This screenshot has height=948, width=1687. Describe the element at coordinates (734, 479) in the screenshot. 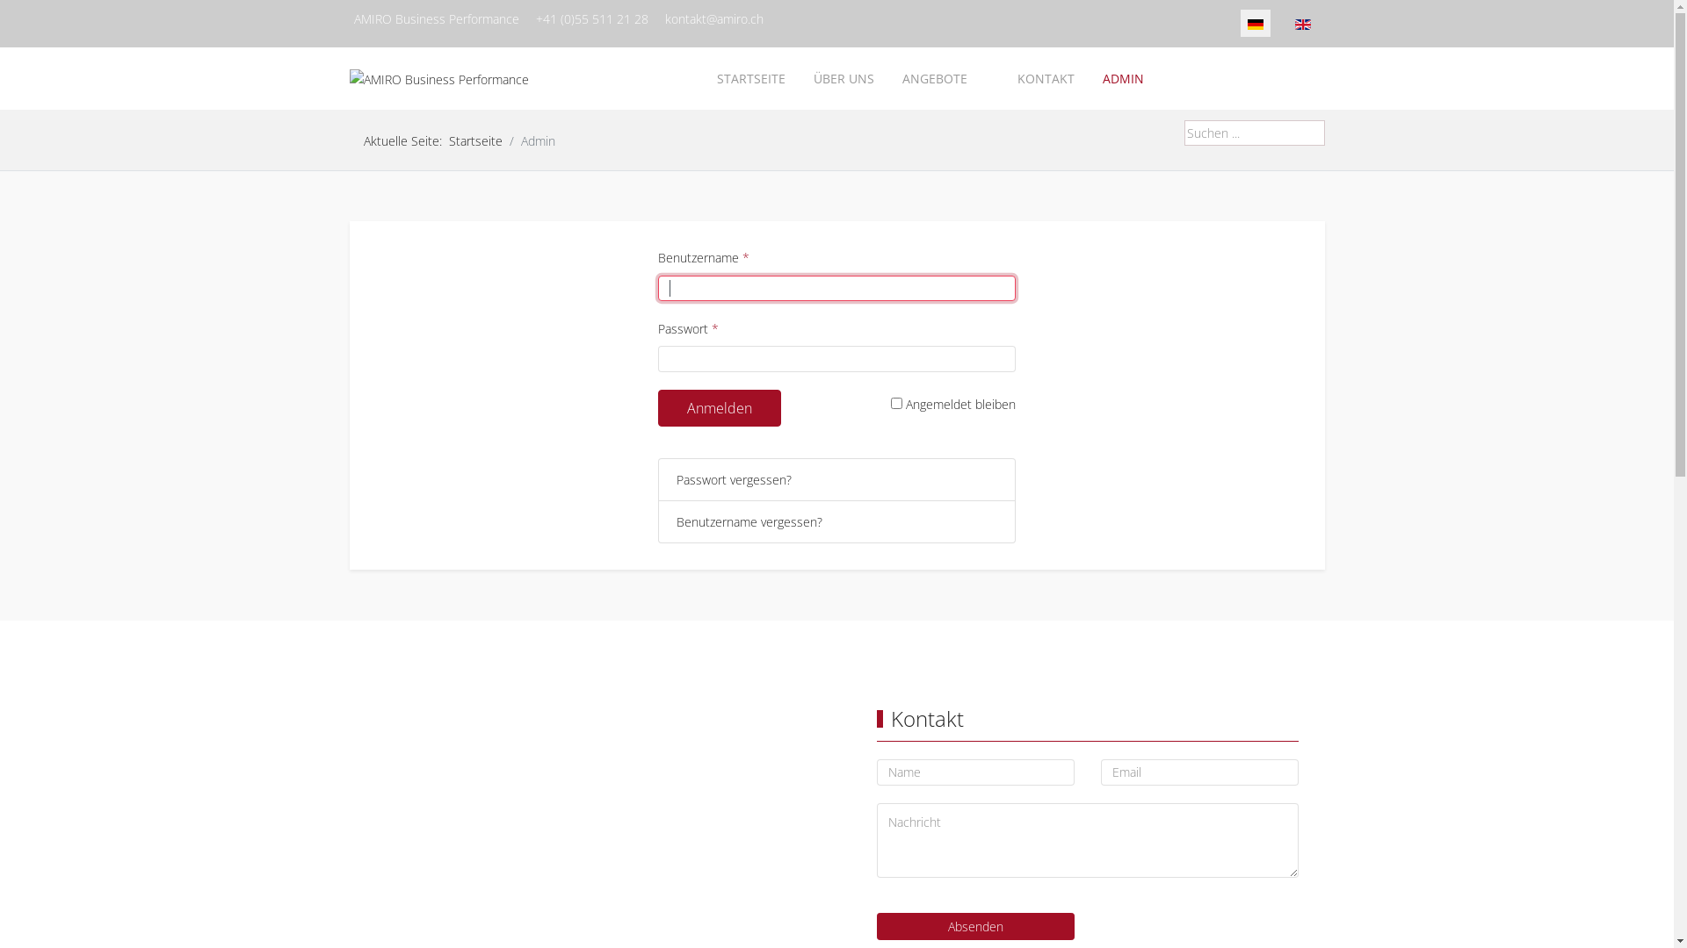

I see `'Passwort vergessen?'` at that location.